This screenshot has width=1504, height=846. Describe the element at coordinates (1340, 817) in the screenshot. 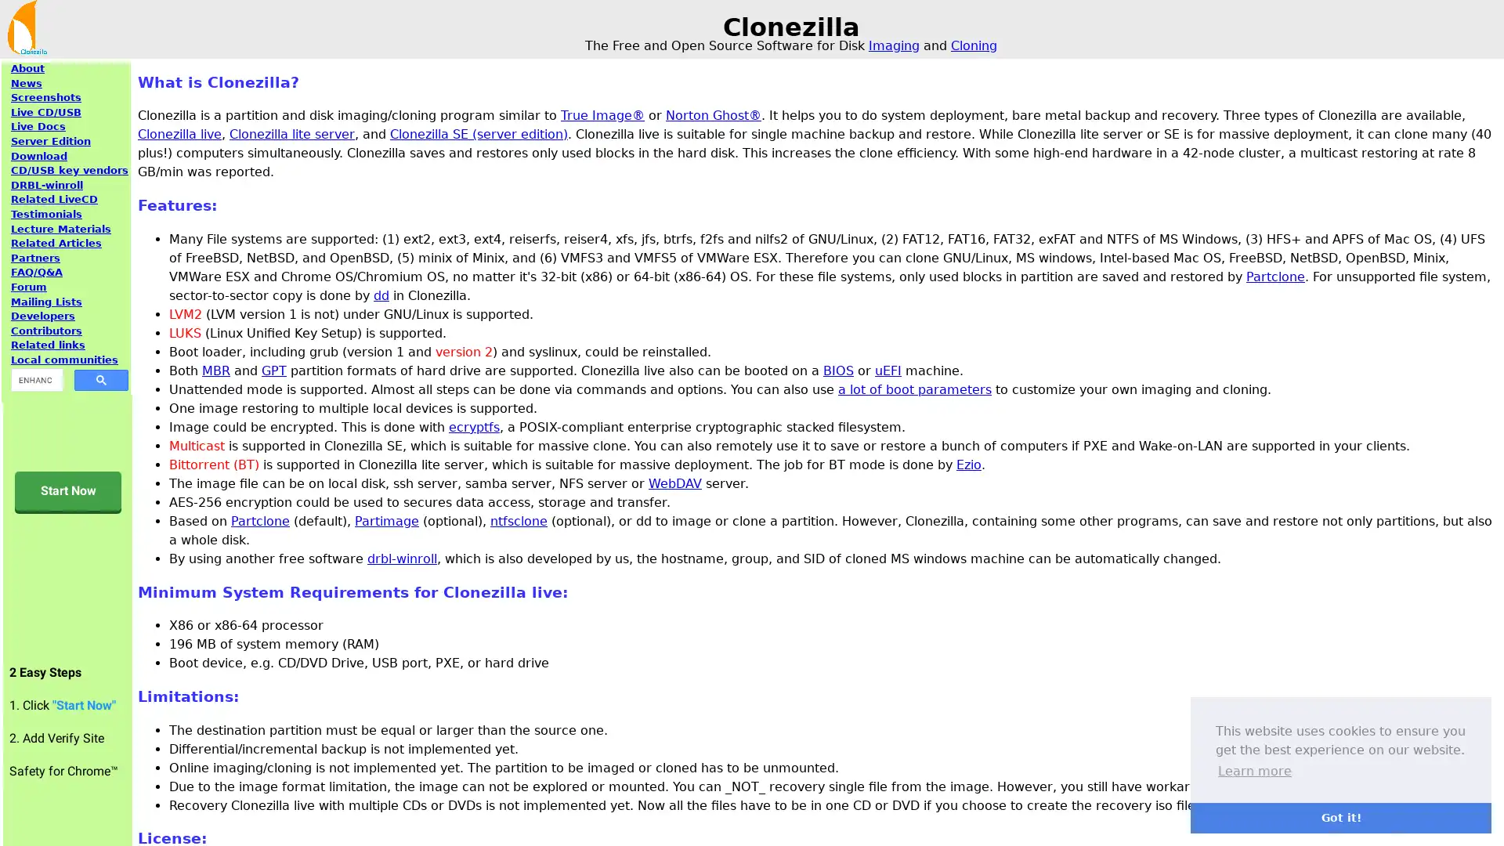

I see `dismiss cookie message` at that location.